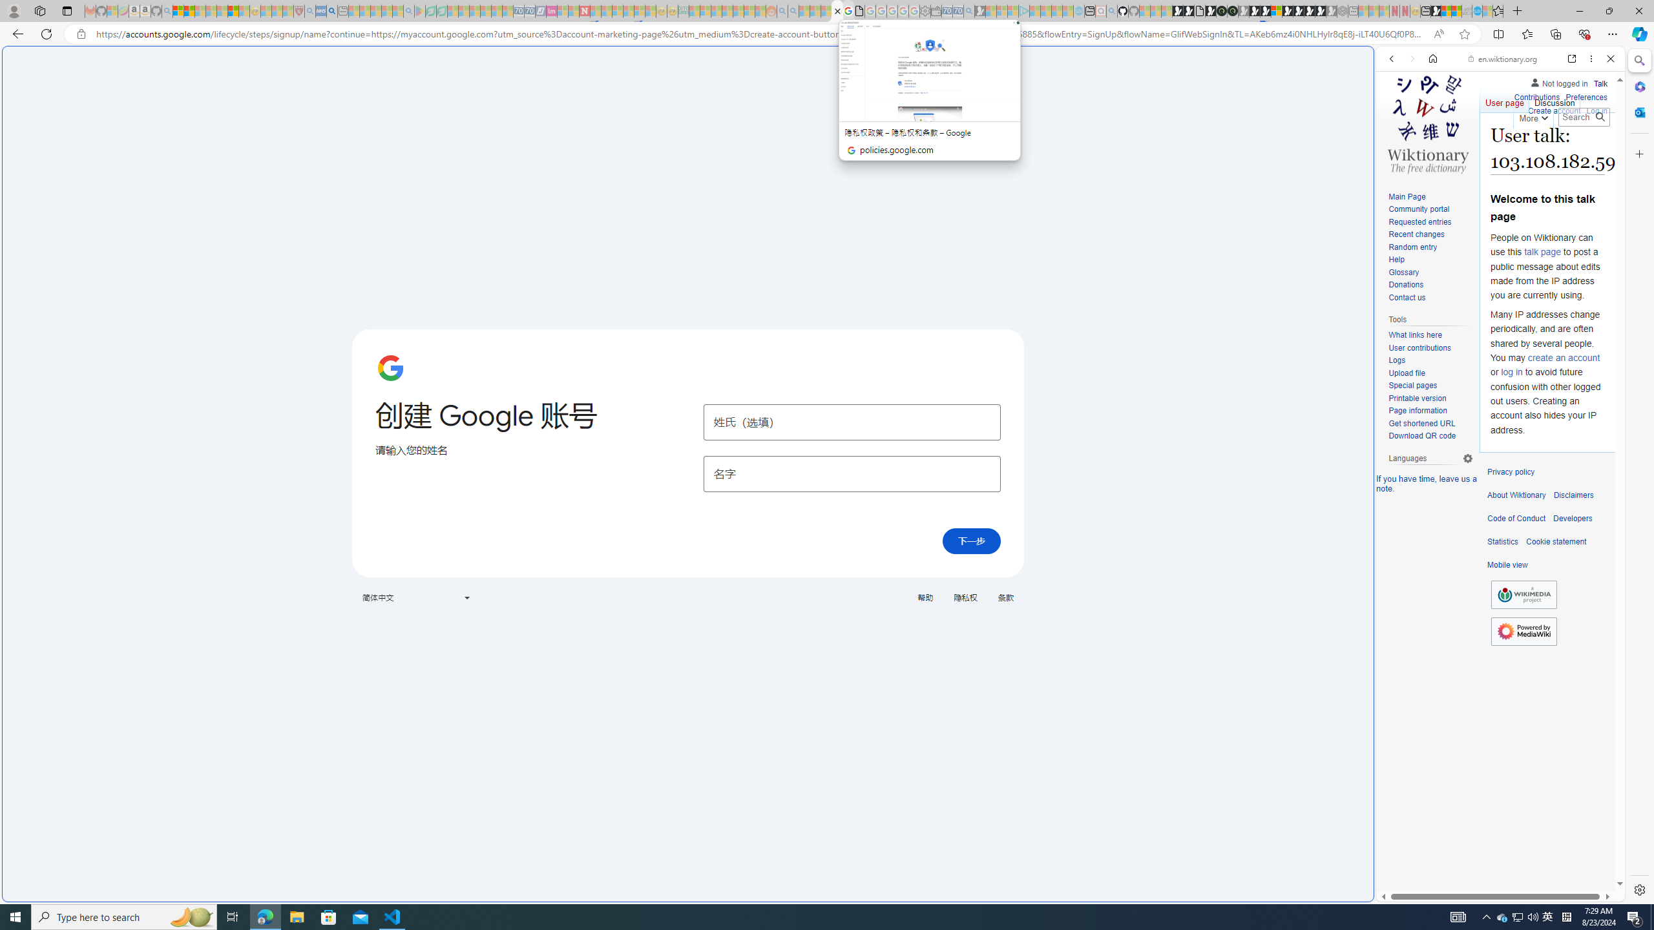 This screenshot has height=930, width=1654. Describe the element at coordinates (1232, 10) in the screenshot. I see `'Future Focus Report 2024'` at that location.